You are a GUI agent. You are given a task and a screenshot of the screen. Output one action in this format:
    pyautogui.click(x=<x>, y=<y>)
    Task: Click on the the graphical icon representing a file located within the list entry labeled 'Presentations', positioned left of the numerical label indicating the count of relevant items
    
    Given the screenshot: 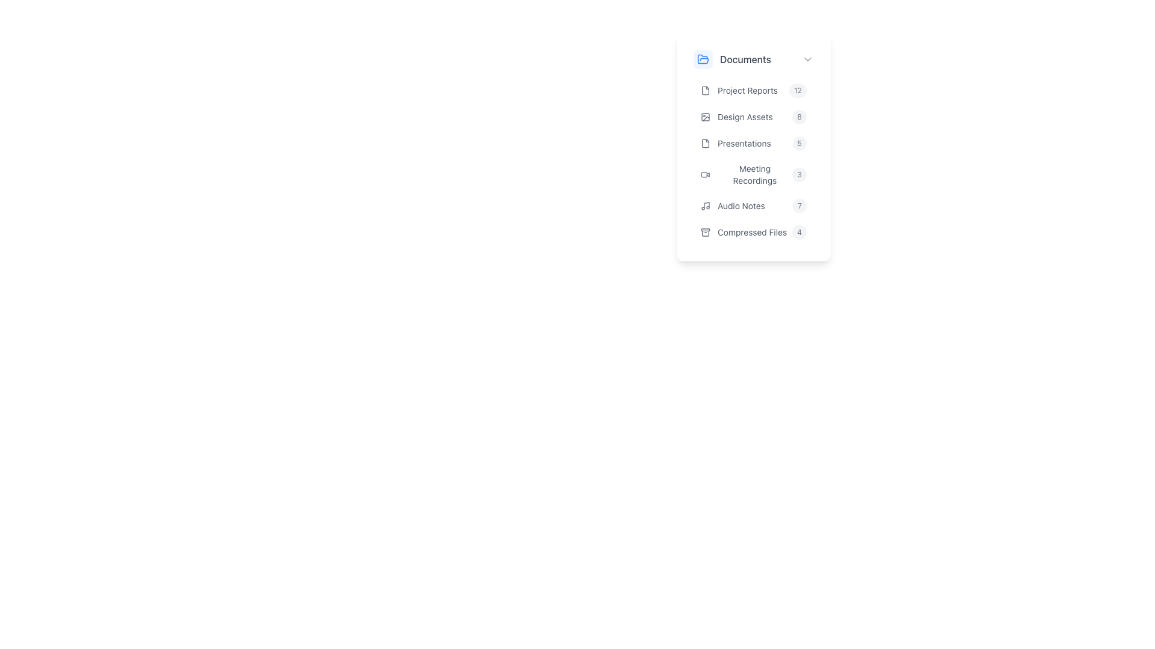 What is the action you would take?
    pyautogui.click(x=705, y=143)
    